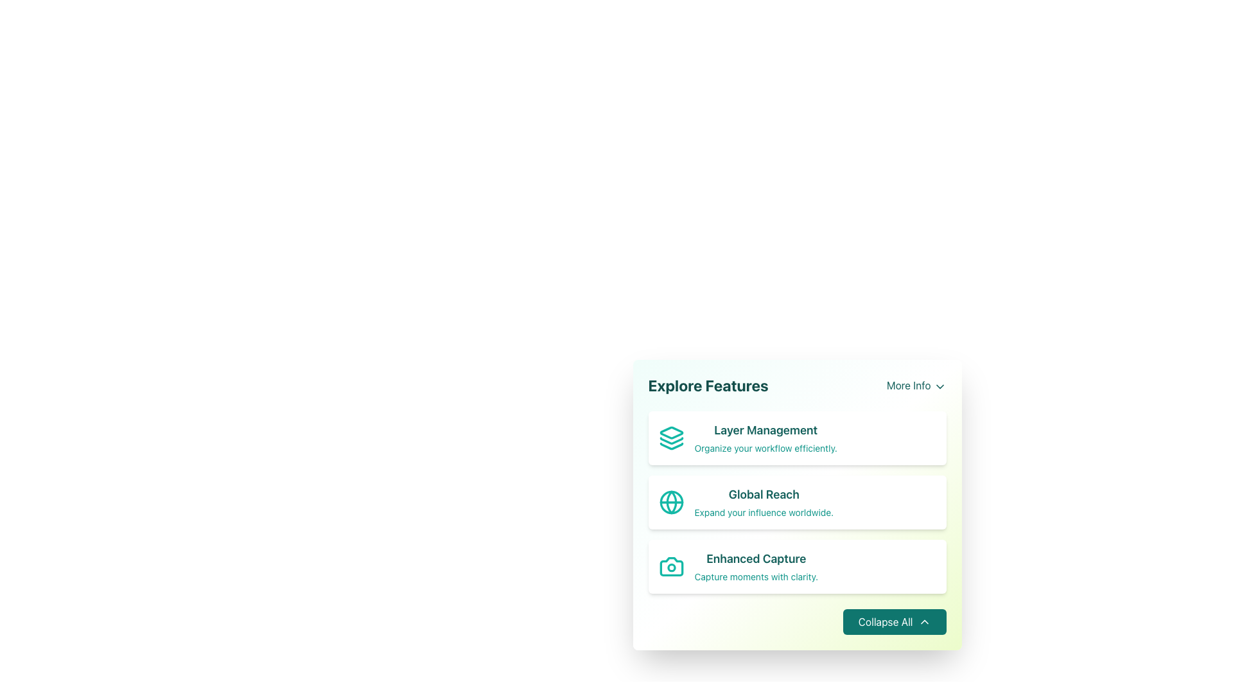 The image size is (1233, 694). What do you see at coordinates (765, 431) in the screenshot?
I see `title text for the feature 'Layer Management' located at the top of the 'Explore Features' card, above the description 'Organize your workflow efficiently.'` at bounding box center [765, 431].